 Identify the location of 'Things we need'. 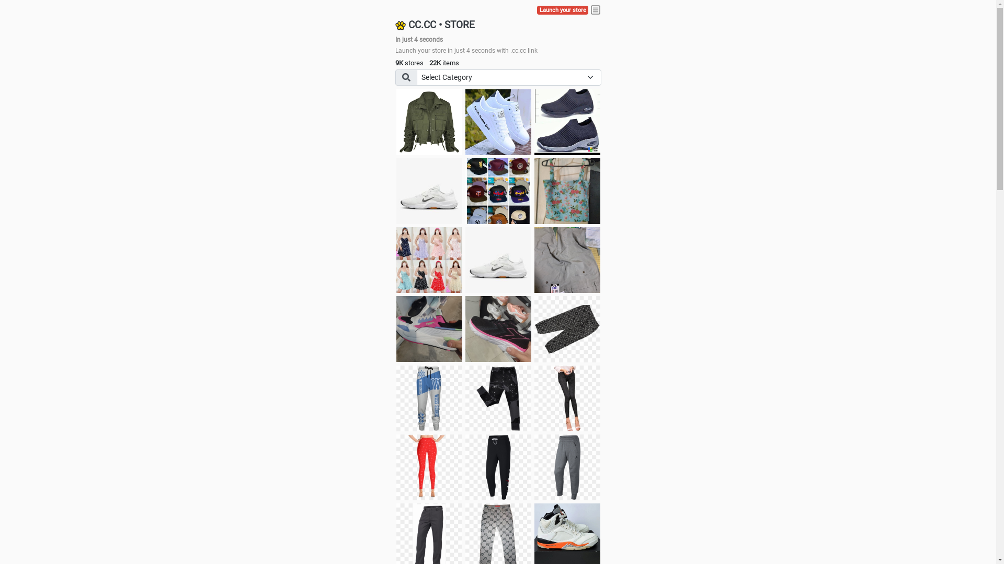
(498, 191).